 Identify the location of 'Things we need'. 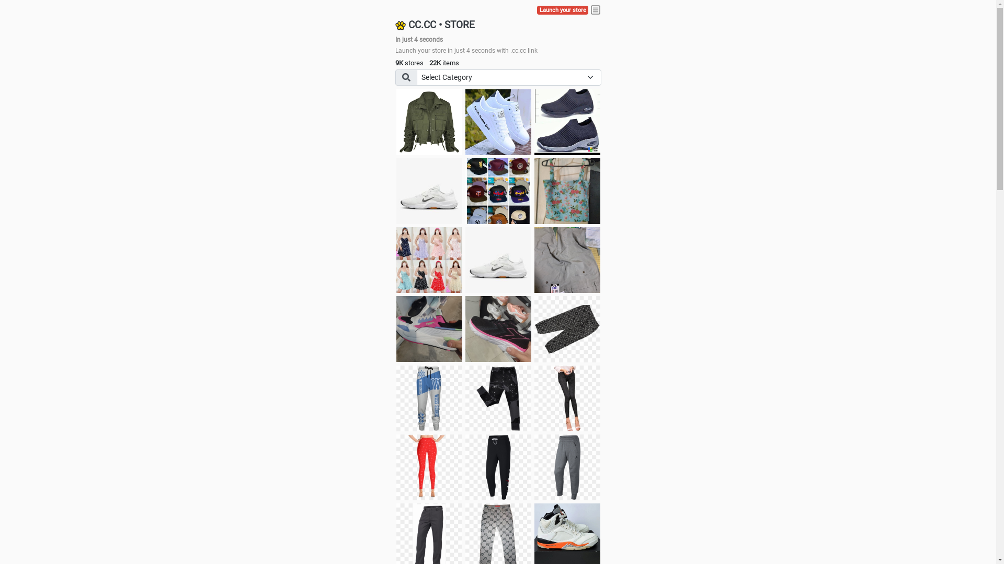
(498, 191).